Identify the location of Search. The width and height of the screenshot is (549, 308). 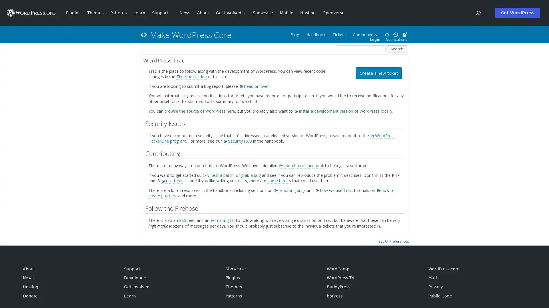
(396, 48).